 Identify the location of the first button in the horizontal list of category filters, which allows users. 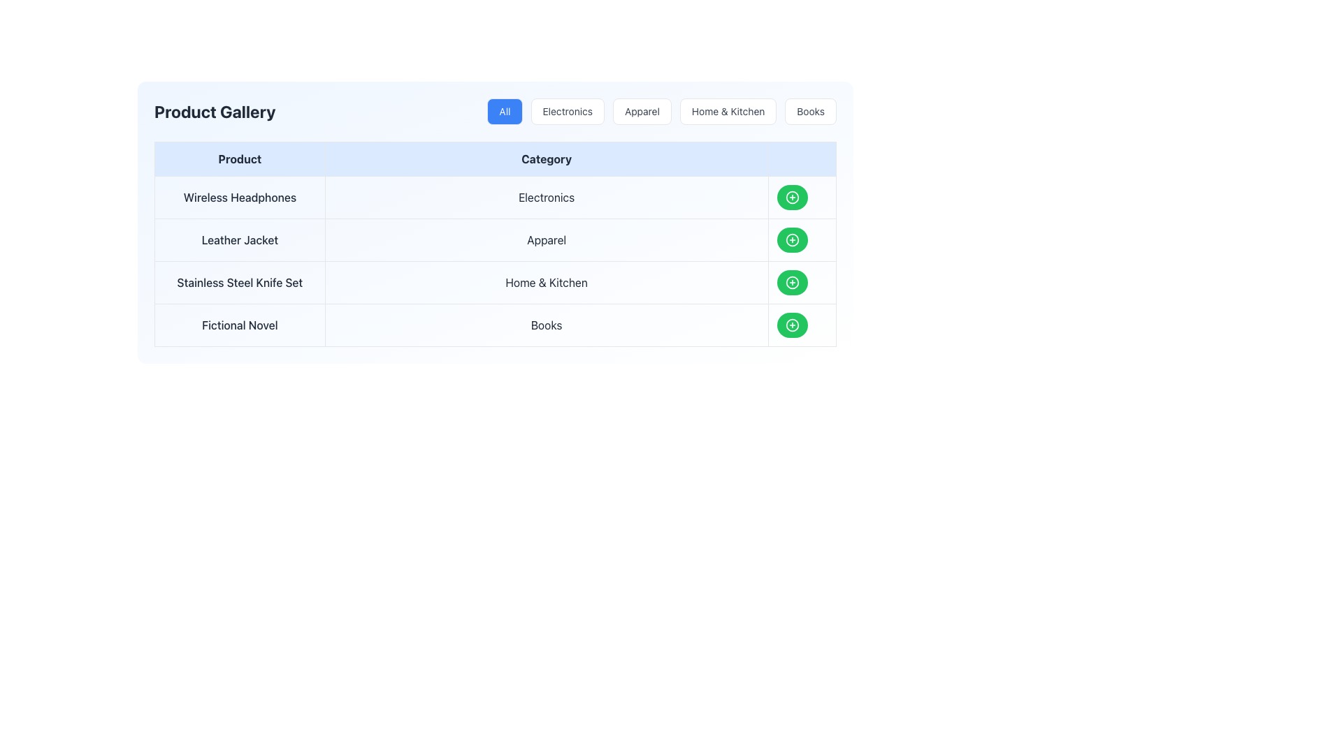
(504, 110).